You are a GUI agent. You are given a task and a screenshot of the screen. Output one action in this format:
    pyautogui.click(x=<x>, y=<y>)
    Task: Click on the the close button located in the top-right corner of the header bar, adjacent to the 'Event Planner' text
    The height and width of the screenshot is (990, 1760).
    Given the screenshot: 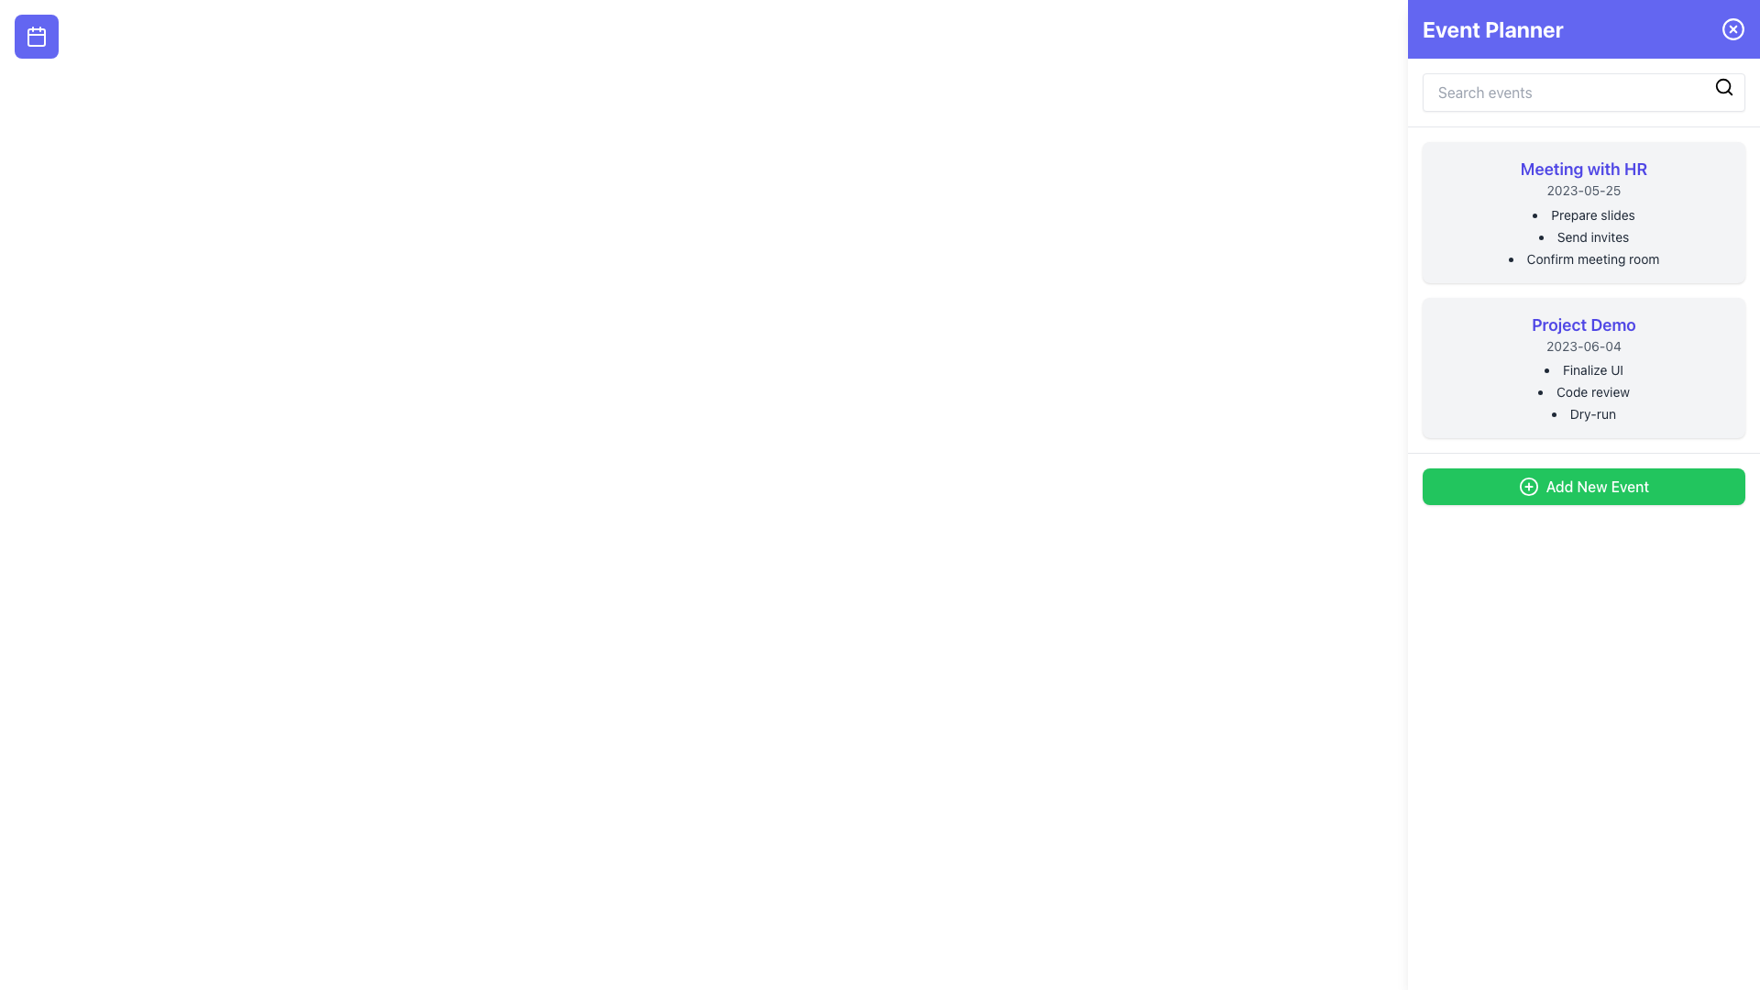 What is the action you would take?
    pyautogui.click(x=1732, y=28)
    